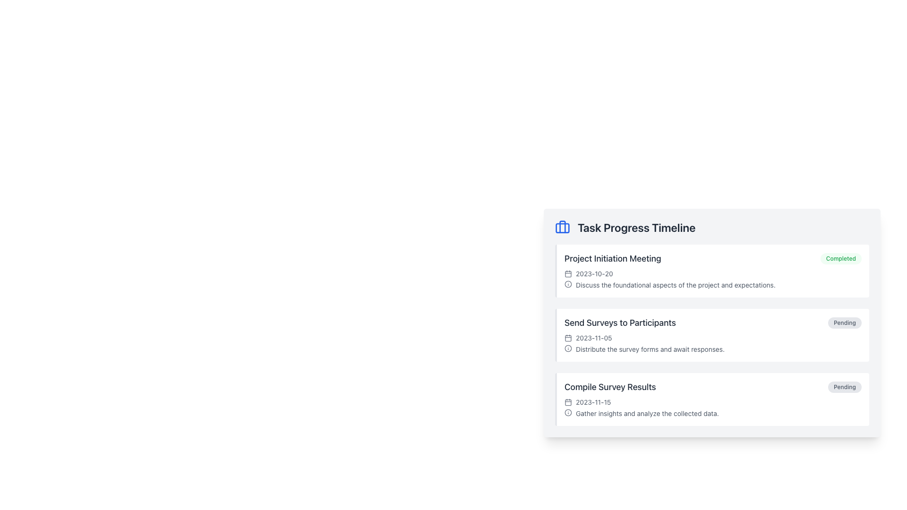 This screenshot has height=510, width=907. What do you see at coordinates (568, 348) in the screenshot?
I see `the circular graphical component in the SVG element, which serves as part of an icon or visual representation located in the middle section of the interface` at bounding box center [568, 348].